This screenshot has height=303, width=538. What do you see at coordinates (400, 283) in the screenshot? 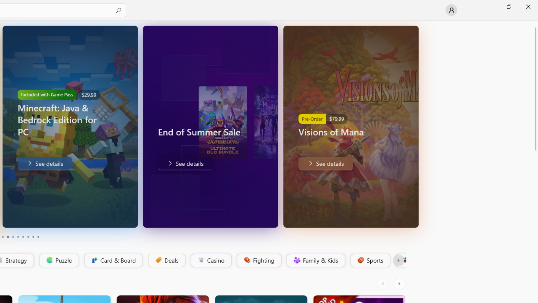
I see `'AutomationID: RightScrollButton'` at bounding box center [400, 283].